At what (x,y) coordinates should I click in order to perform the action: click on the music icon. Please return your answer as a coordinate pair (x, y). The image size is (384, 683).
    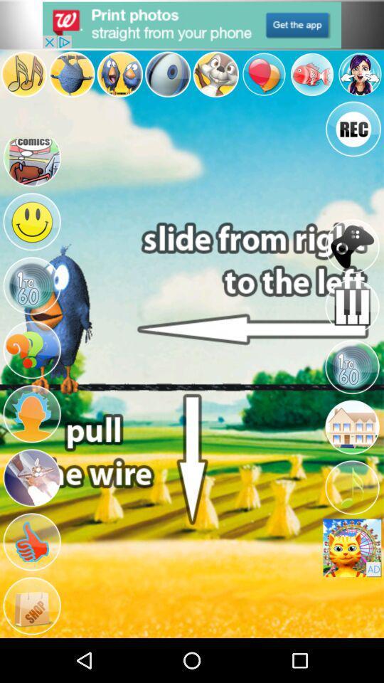
    Looking at the image, I should click on (23, 79).